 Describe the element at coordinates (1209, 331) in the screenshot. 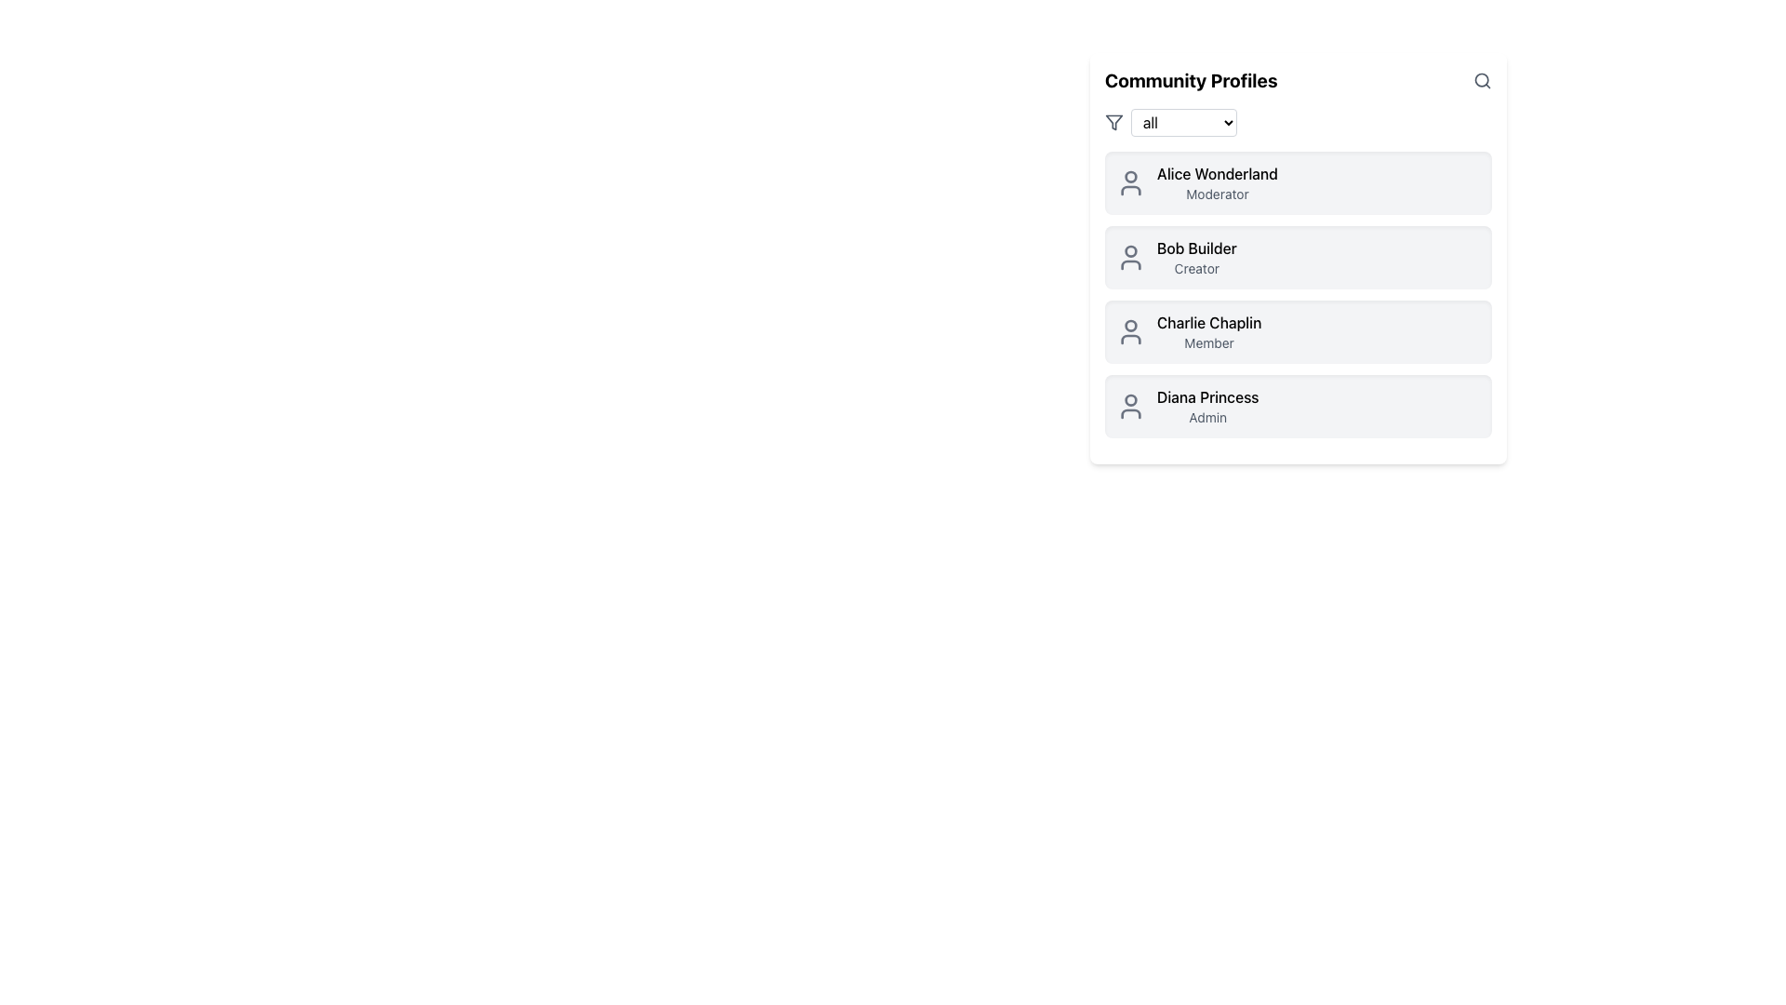

I see `displayed text of the user profile showing 'Charlie Chaplin' and 'Member' located in the third row of the vertical list of user profiles` at that location.